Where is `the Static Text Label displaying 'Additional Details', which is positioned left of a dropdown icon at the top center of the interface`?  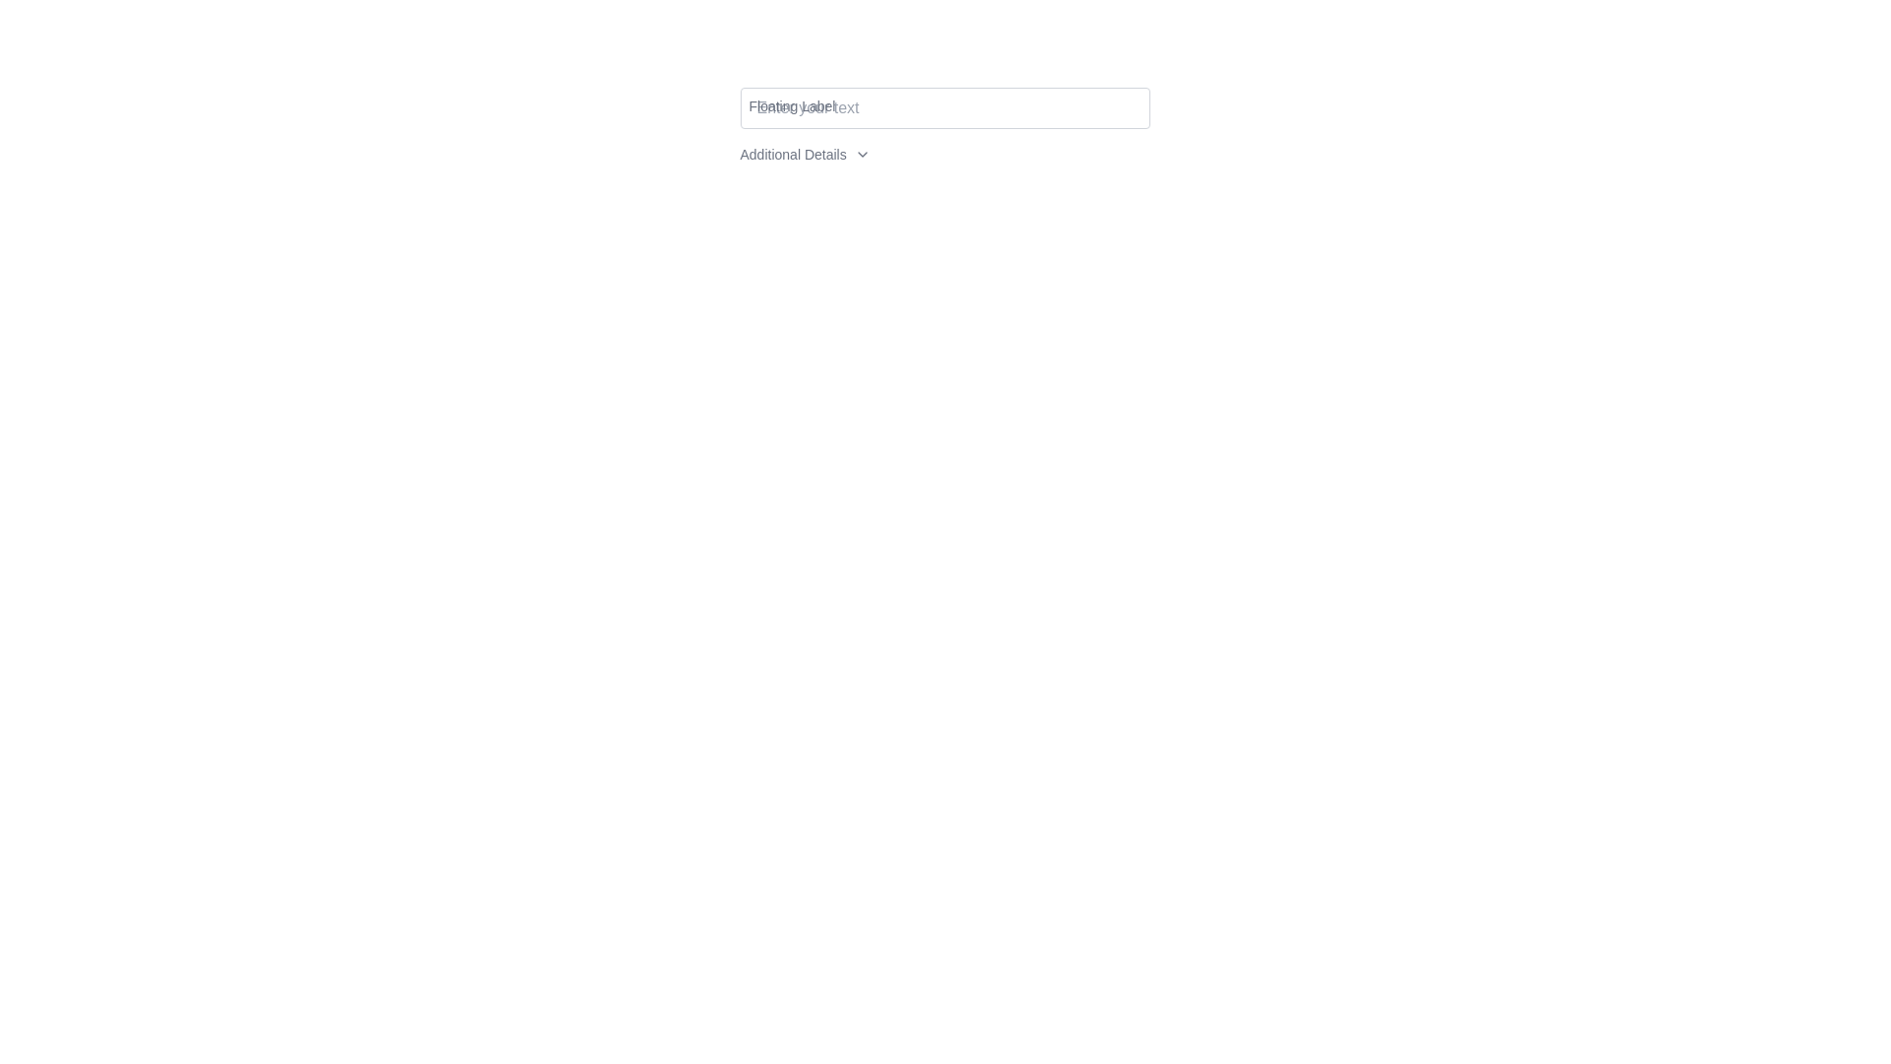 the Static Text Label displaying 'Additional Details', which is positioned left of a dropdown icon at the top center of the interface is located at coordinates (793, 154).